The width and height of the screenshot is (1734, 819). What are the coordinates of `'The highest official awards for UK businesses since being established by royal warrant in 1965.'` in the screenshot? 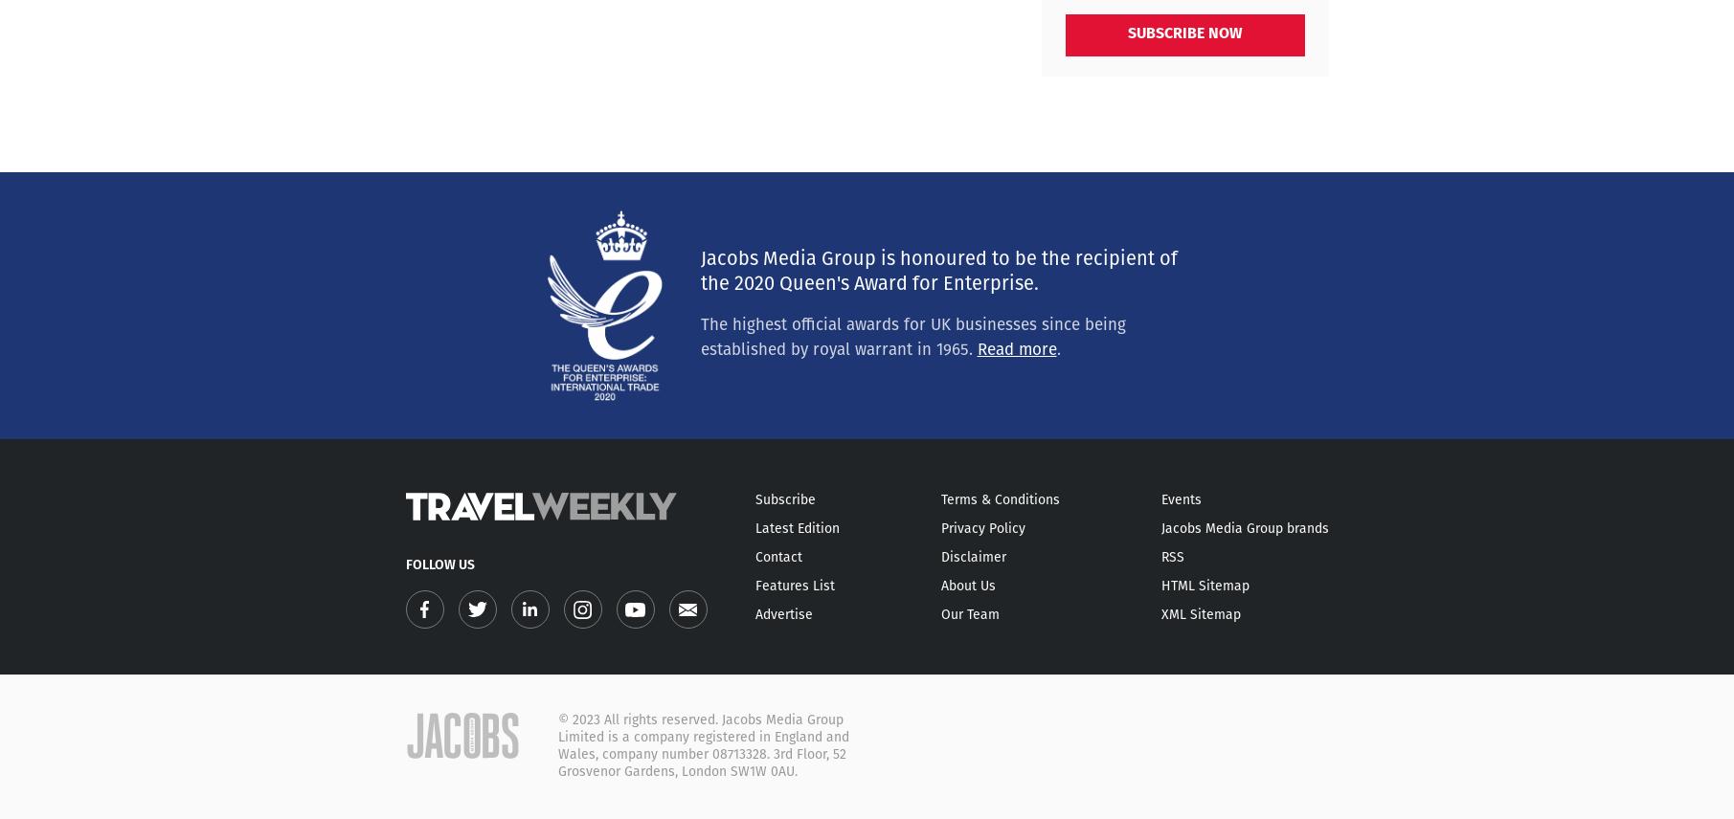 It's located at (911, 337).